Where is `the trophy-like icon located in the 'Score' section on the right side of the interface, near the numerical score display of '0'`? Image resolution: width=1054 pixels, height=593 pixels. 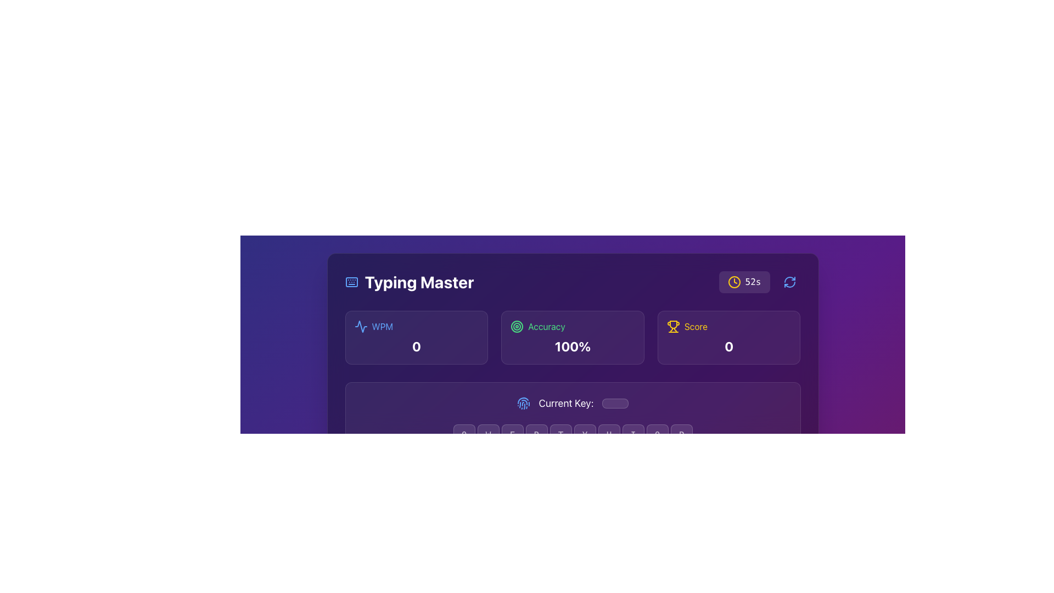
the trophy-like icon located in the 'Score' section on the right side of the interface, near the numerical score display of '0' is located at coordinates (672, 324).